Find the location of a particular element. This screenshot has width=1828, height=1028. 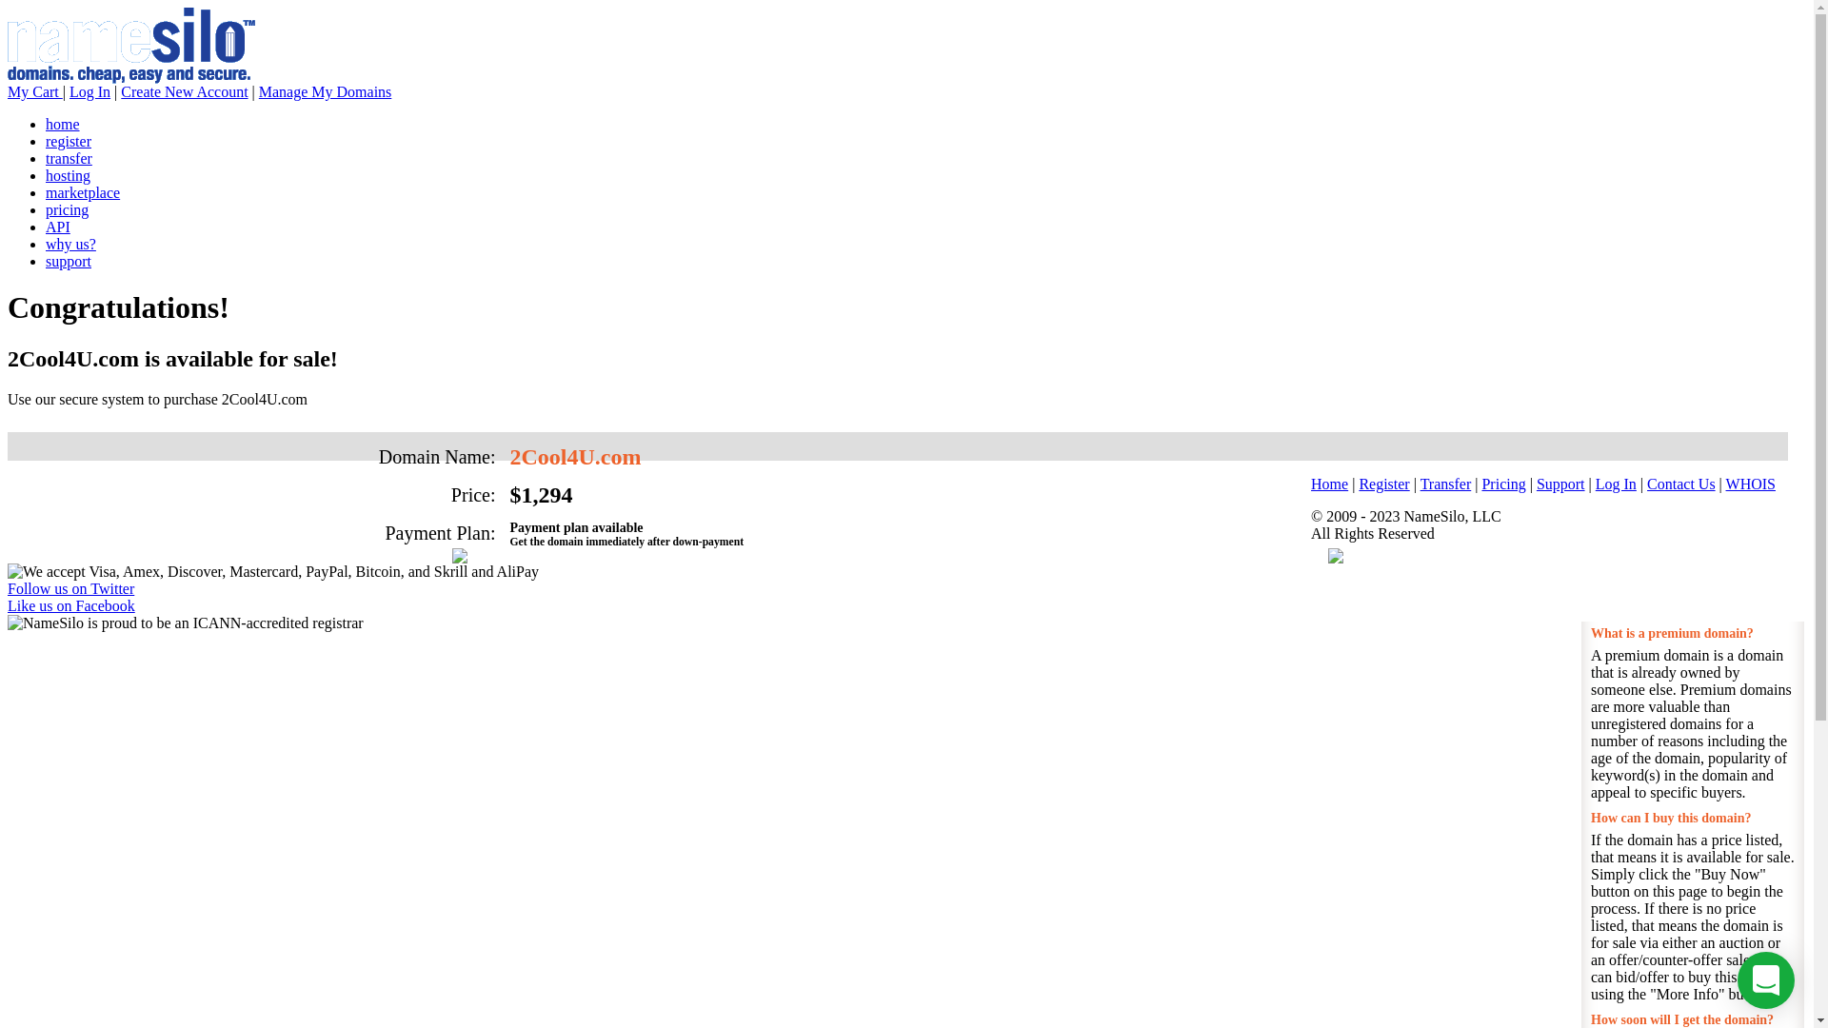

'Like us on Facebook' is located at coordinates (71, 605).